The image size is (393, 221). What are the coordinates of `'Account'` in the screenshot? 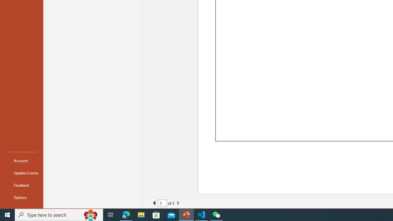 It's located at (22, 160).